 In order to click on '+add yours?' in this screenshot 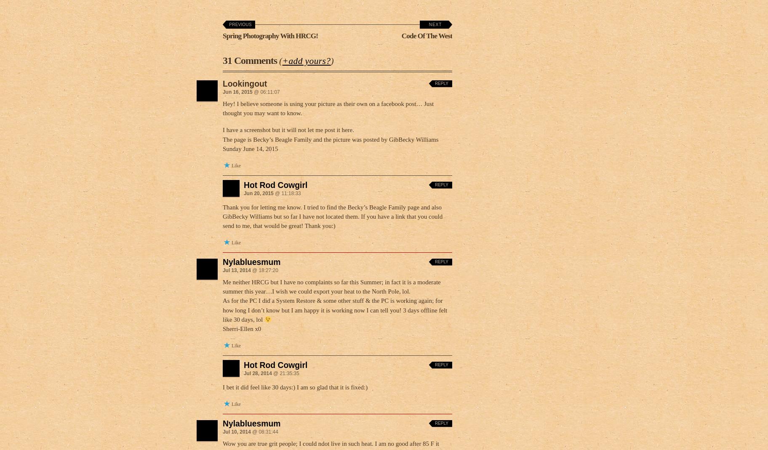, I will do `click(306, 61)`.